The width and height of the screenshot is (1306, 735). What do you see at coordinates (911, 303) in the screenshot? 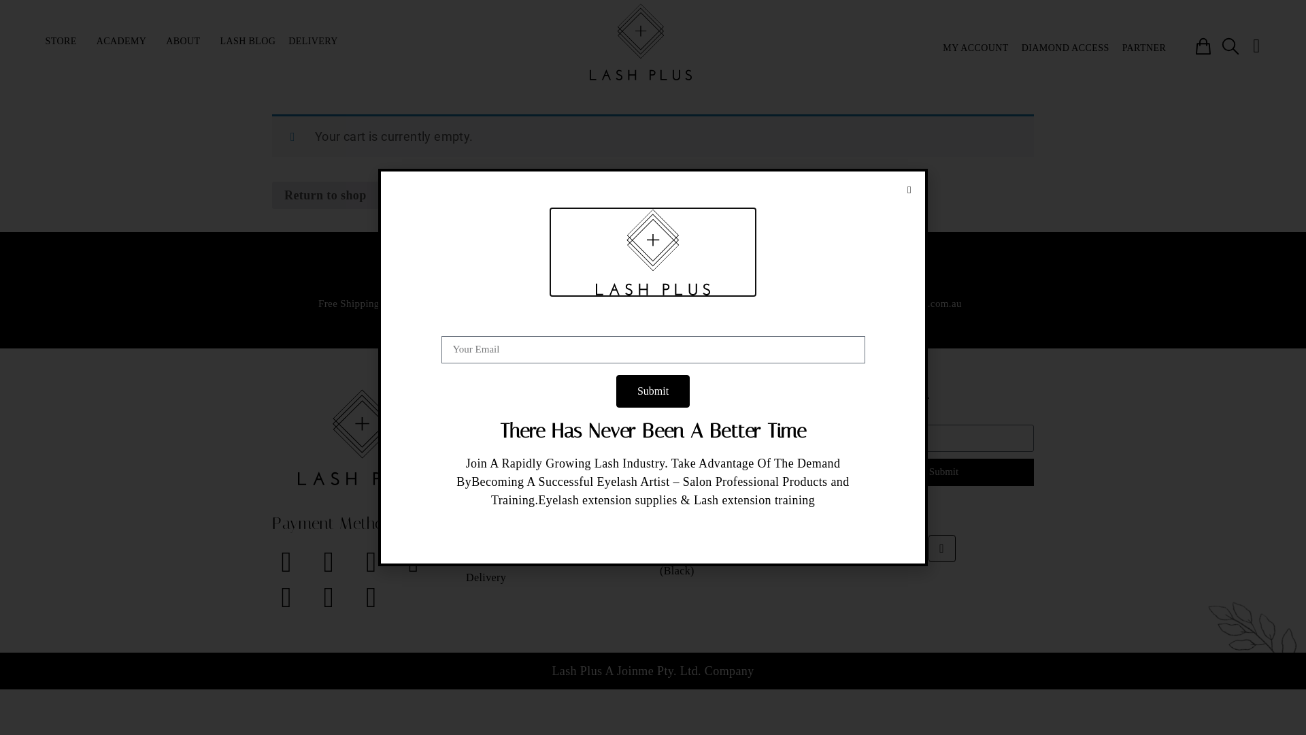
I see `'sales@lashplus.com.au'` at bounding box center [911, 303].